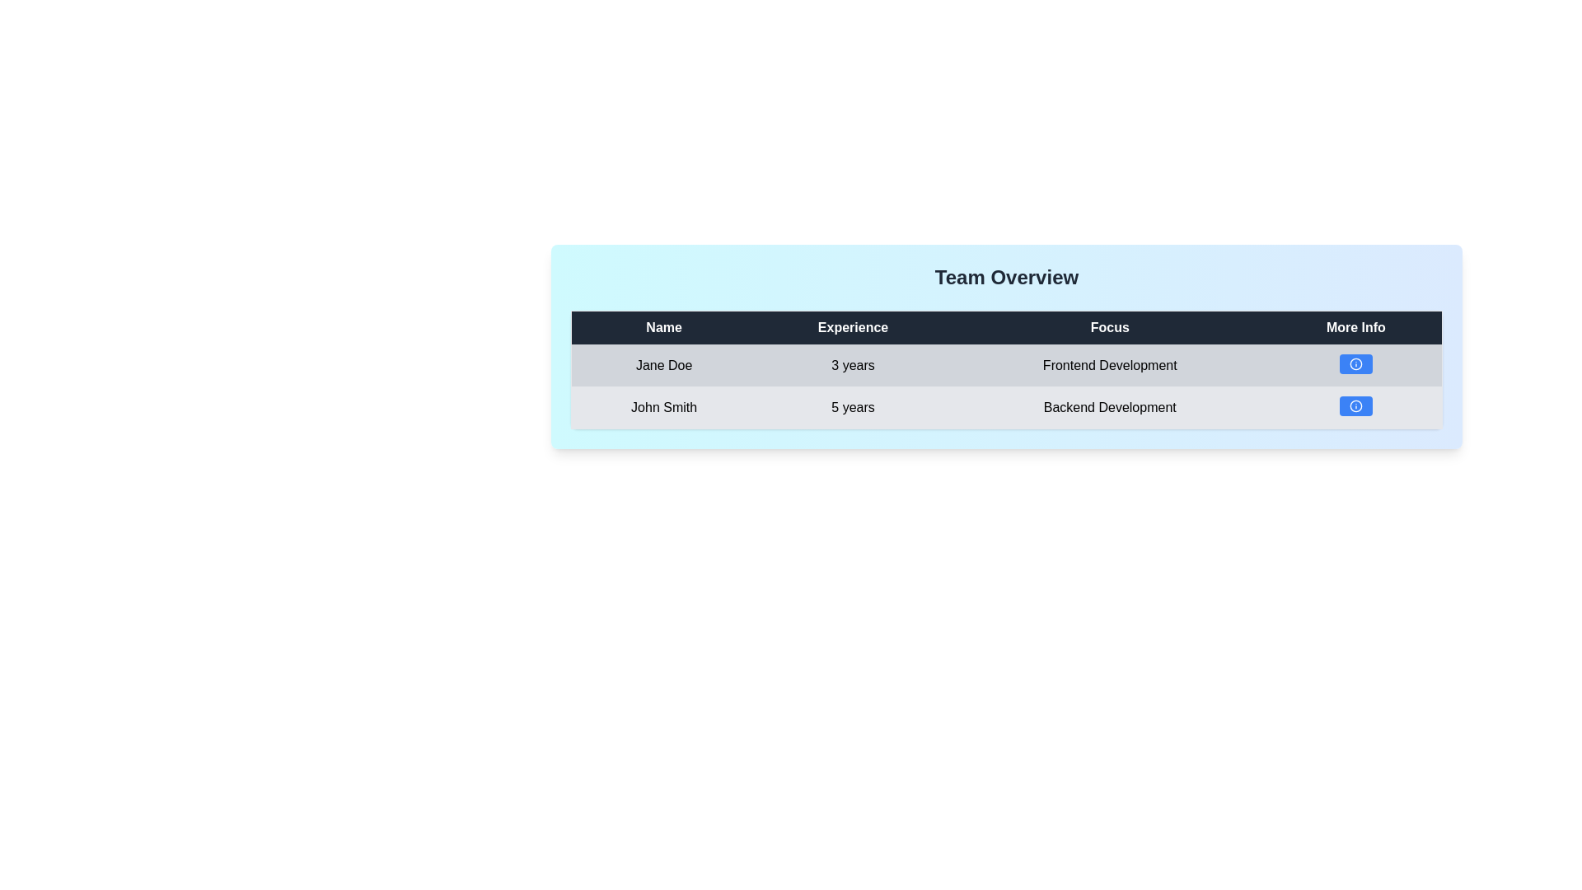 This screenshot has height=890, width=1582. I want to click on the static label text indicating the area of expertise associated with 'John Smith' in the 'Focus' column of the 'Team Overview' table, so click(1110, 407).